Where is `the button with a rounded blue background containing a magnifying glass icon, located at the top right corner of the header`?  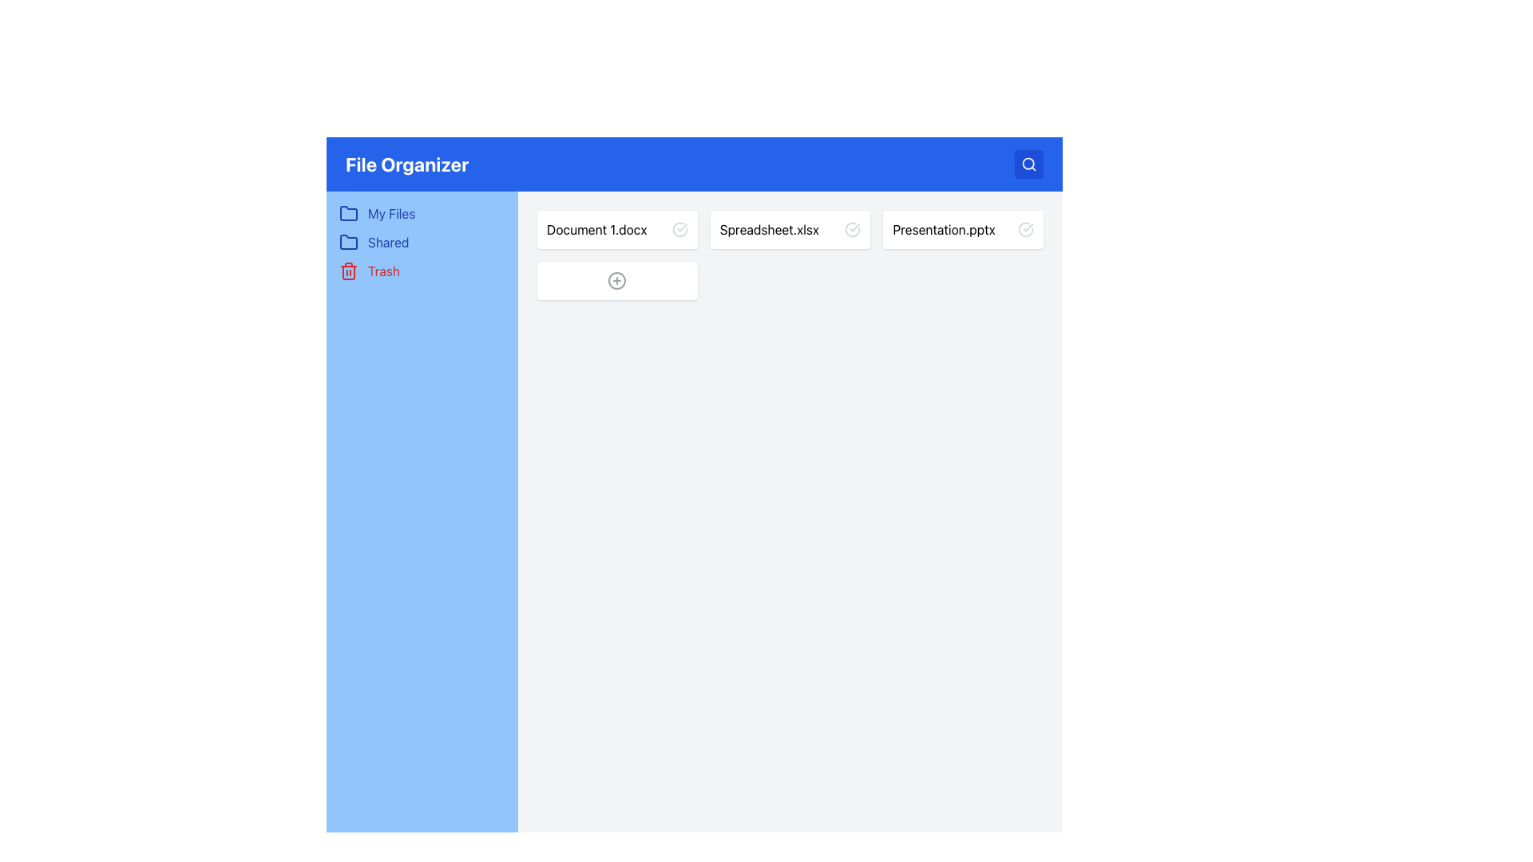 the button with a rounded blue background containing a magnifying glass icon, located at the top right corner of the header is located at coordinates (1029, 164).